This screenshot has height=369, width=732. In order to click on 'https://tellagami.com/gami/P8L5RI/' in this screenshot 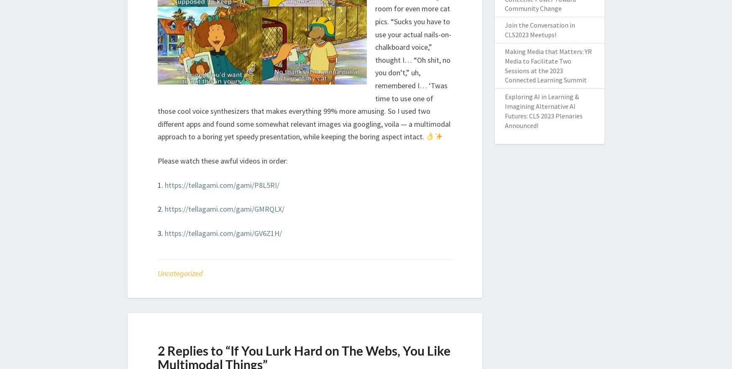, I will do `click(221, 184)`.